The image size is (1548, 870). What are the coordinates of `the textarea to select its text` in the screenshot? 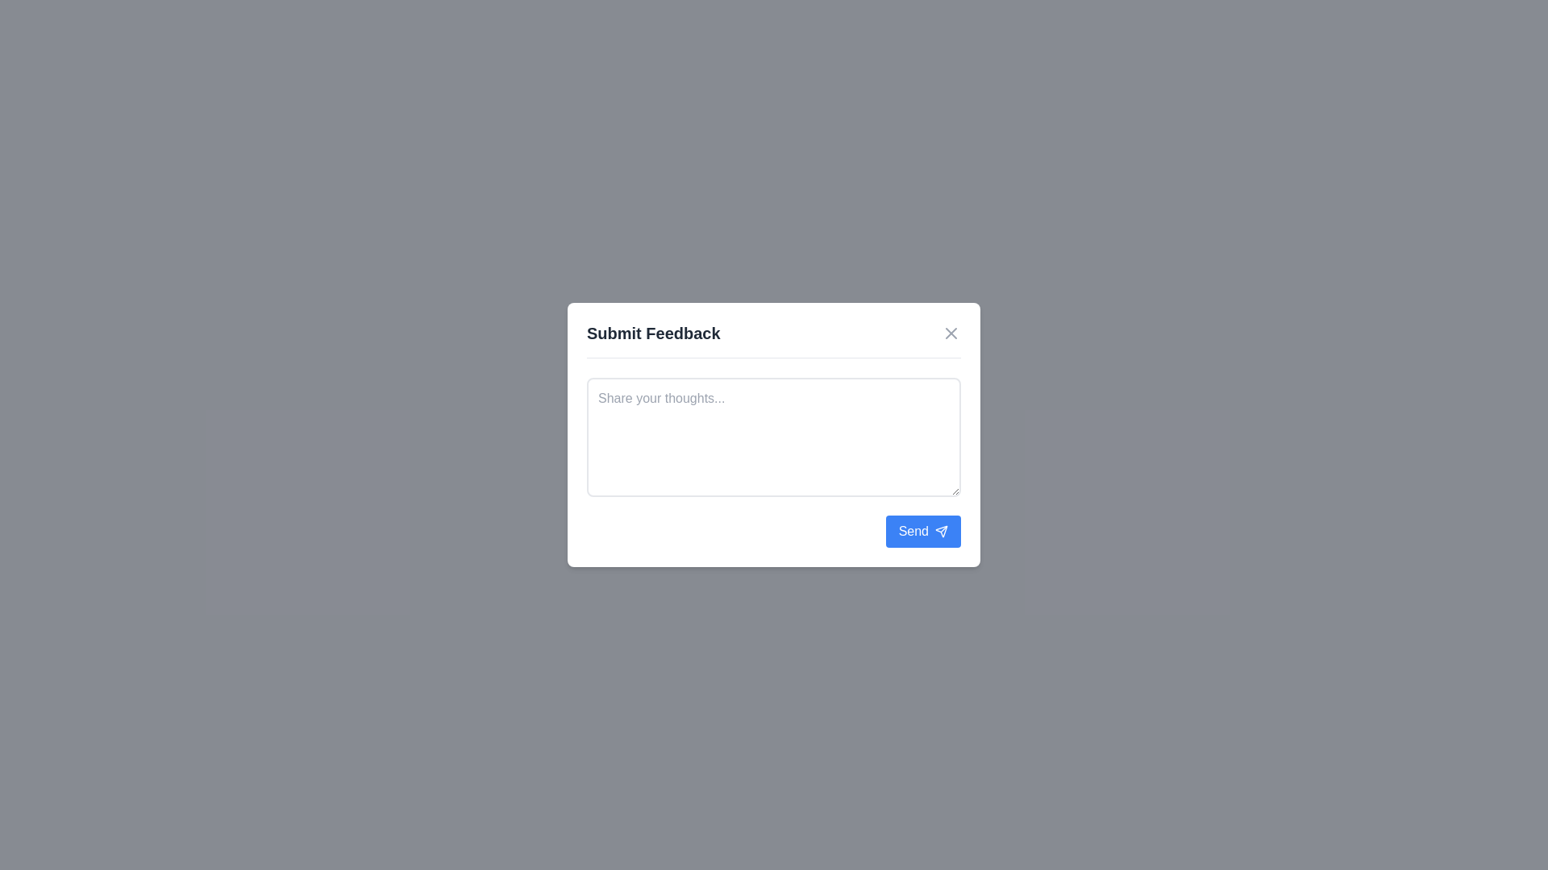 It's located at (774, 437).